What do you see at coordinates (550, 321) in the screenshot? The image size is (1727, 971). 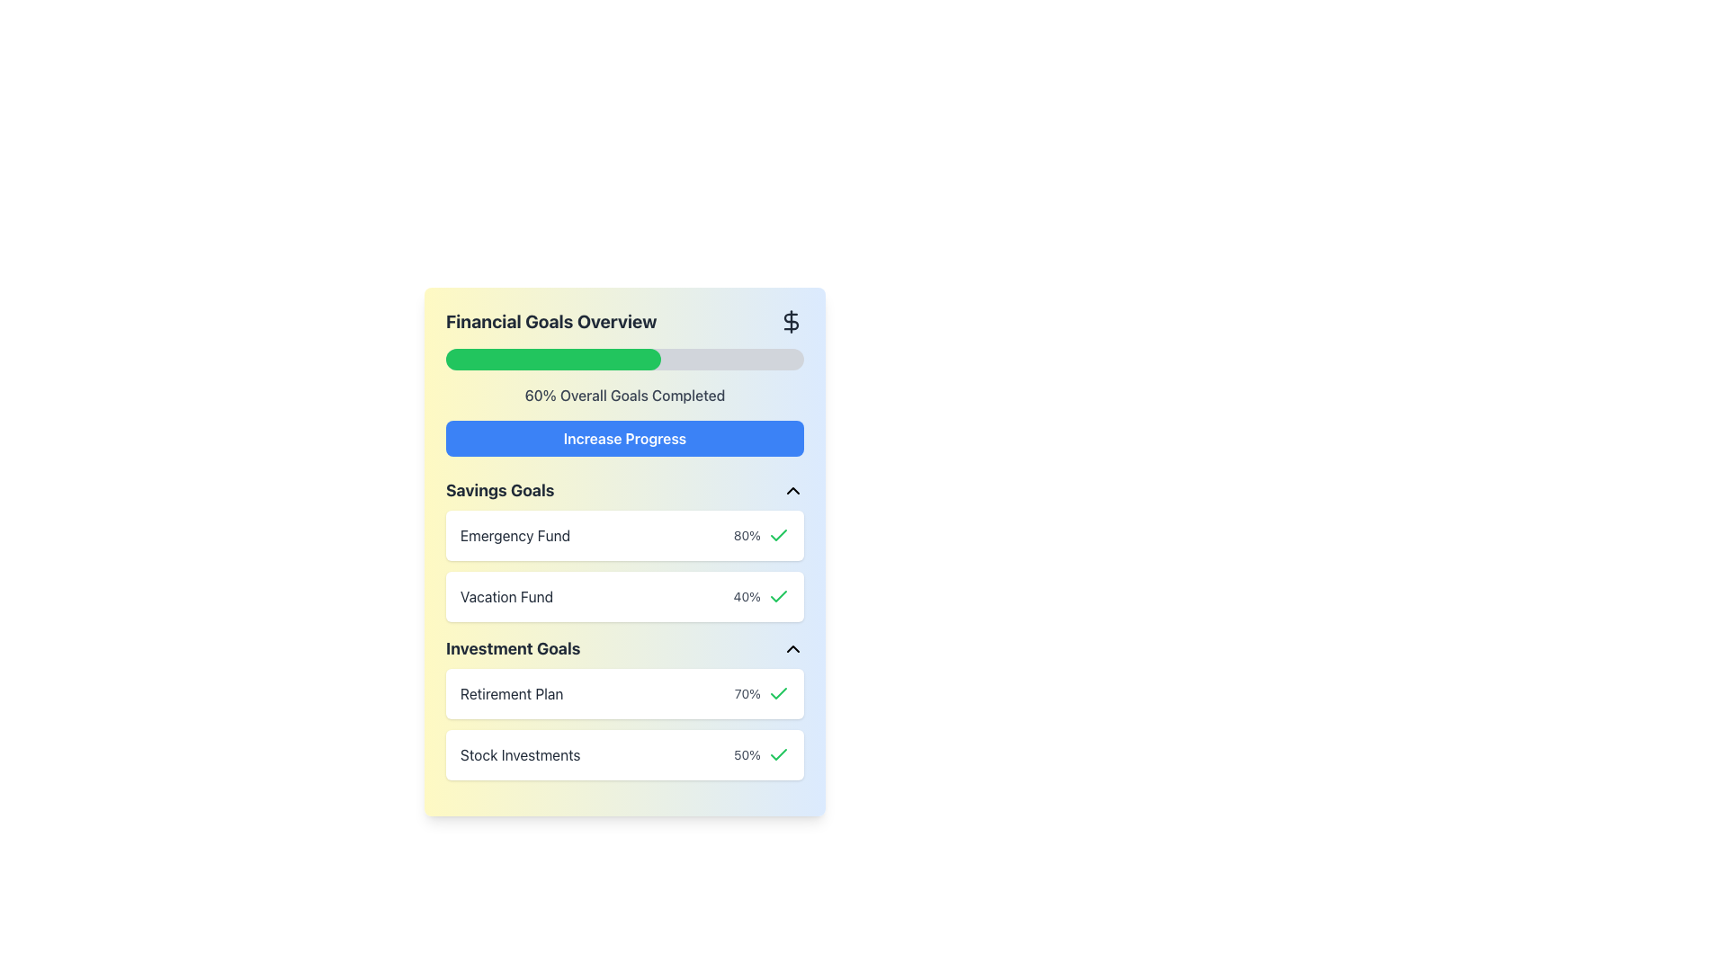 I see `the text label that serves as the title for the financial goals section, located at the topmost section of the interface` at bounding box center [550, 321].